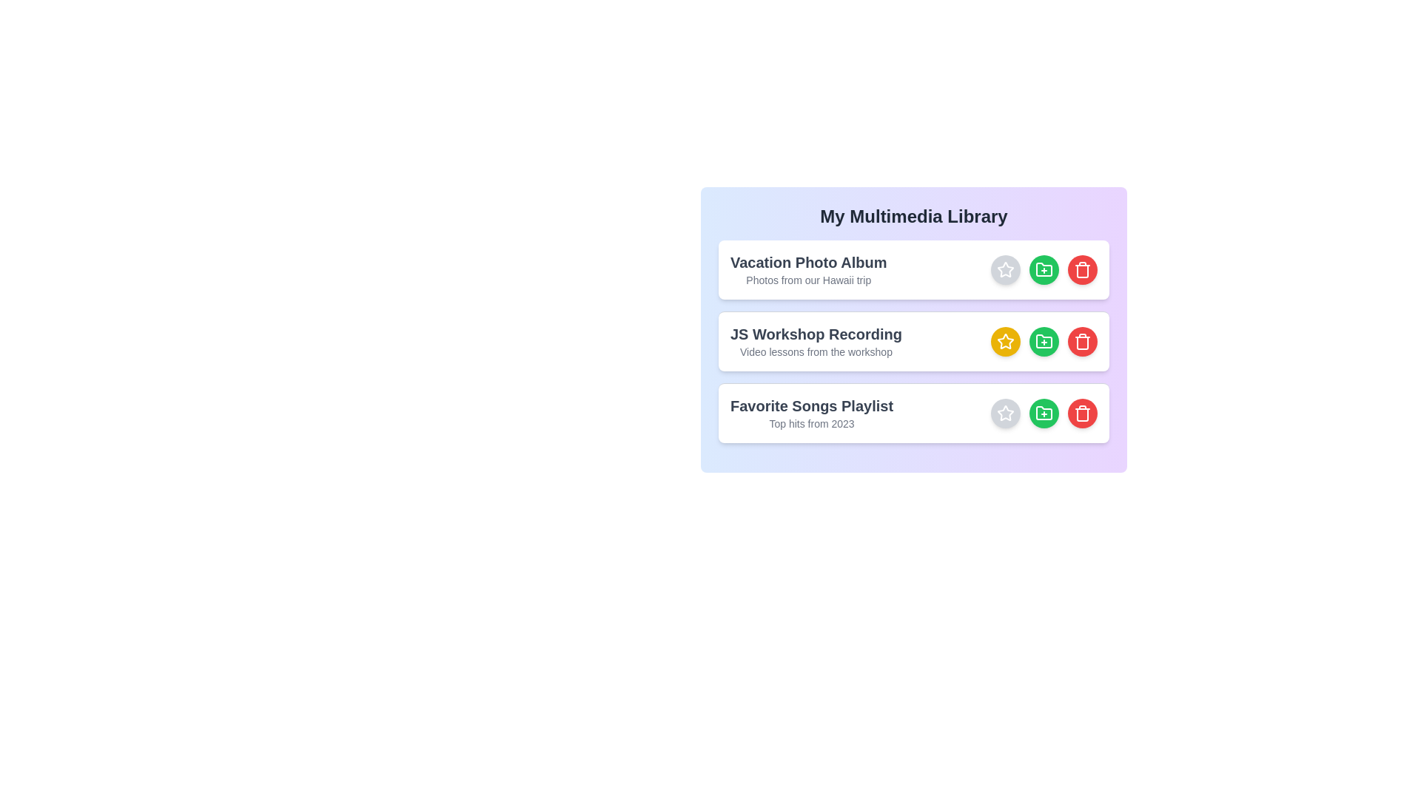 This screenshot has width=1421, height=799. What do you see at coordinates (1005, 342) in the screenshot?
I see `the star button, which indicates a positive action such as favoriting or marking an item as special, located in the middle of the second row, adjacent to a green plus button and a gray hollow star button` at bounding box center [1005, 342].